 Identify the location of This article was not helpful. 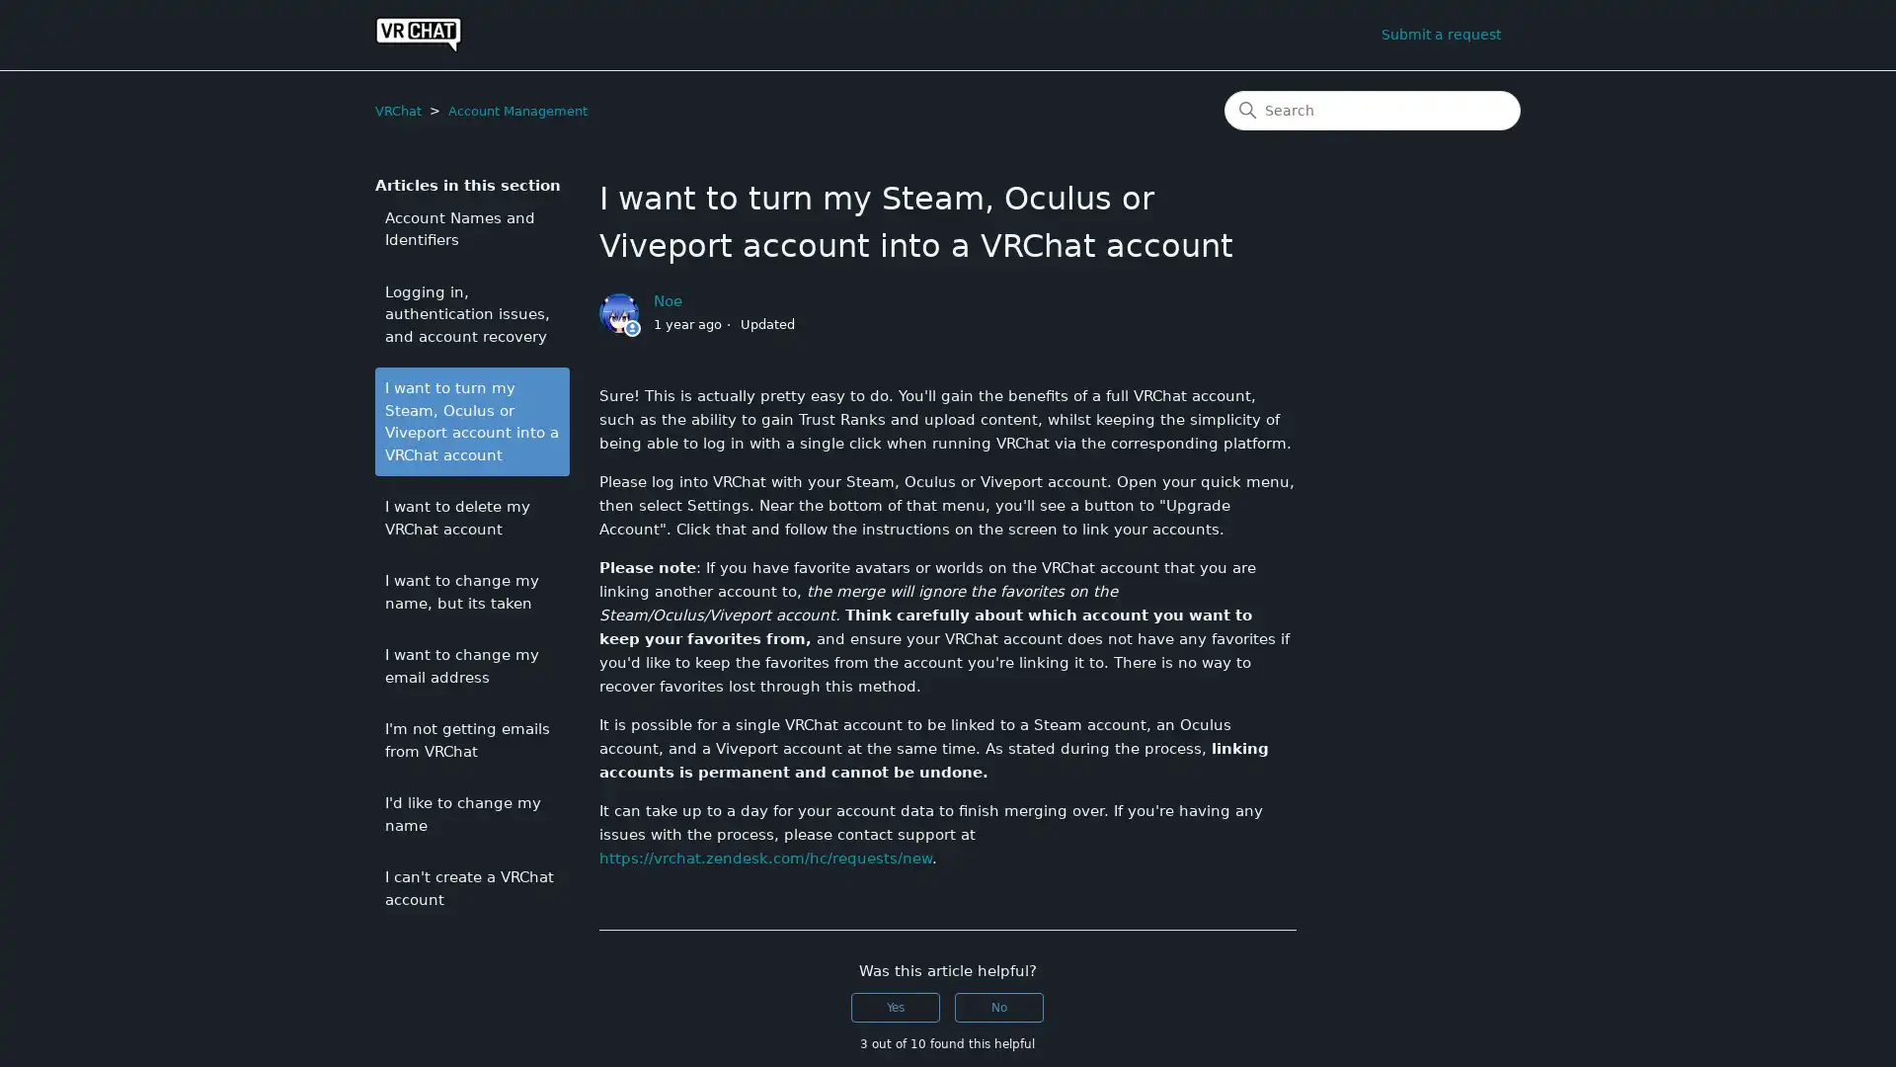
(999, 1007).